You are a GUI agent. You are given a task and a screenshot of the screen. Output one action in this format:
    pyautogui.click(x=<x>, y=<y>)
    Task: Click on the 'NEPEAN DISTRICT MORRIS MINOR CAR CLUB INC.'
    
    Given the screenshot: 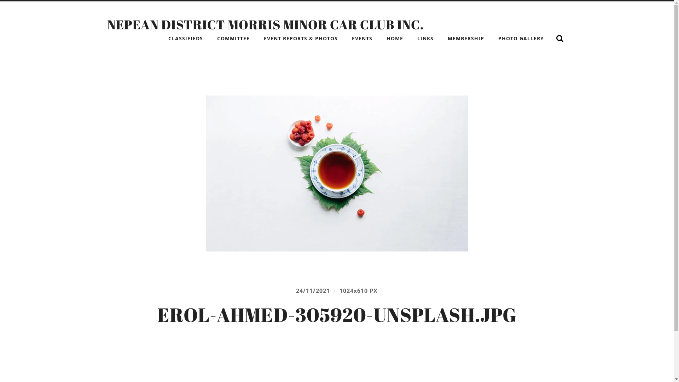 What is the action you would take?
    pyautogui.click(x=106, y=24)
    